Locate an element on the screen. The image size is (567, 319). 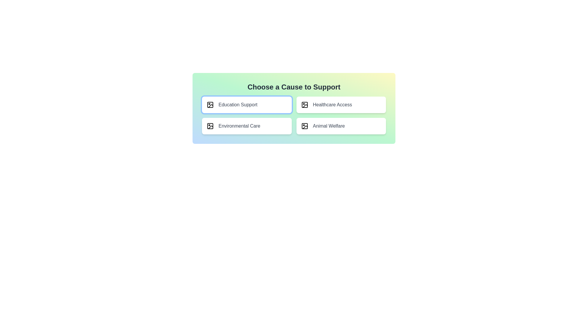
the Icon component that visually represents the 'Animal Welfare' text, located in the bottom-right quadrant of the selectable cause options area is located at coordinates (304, 126).